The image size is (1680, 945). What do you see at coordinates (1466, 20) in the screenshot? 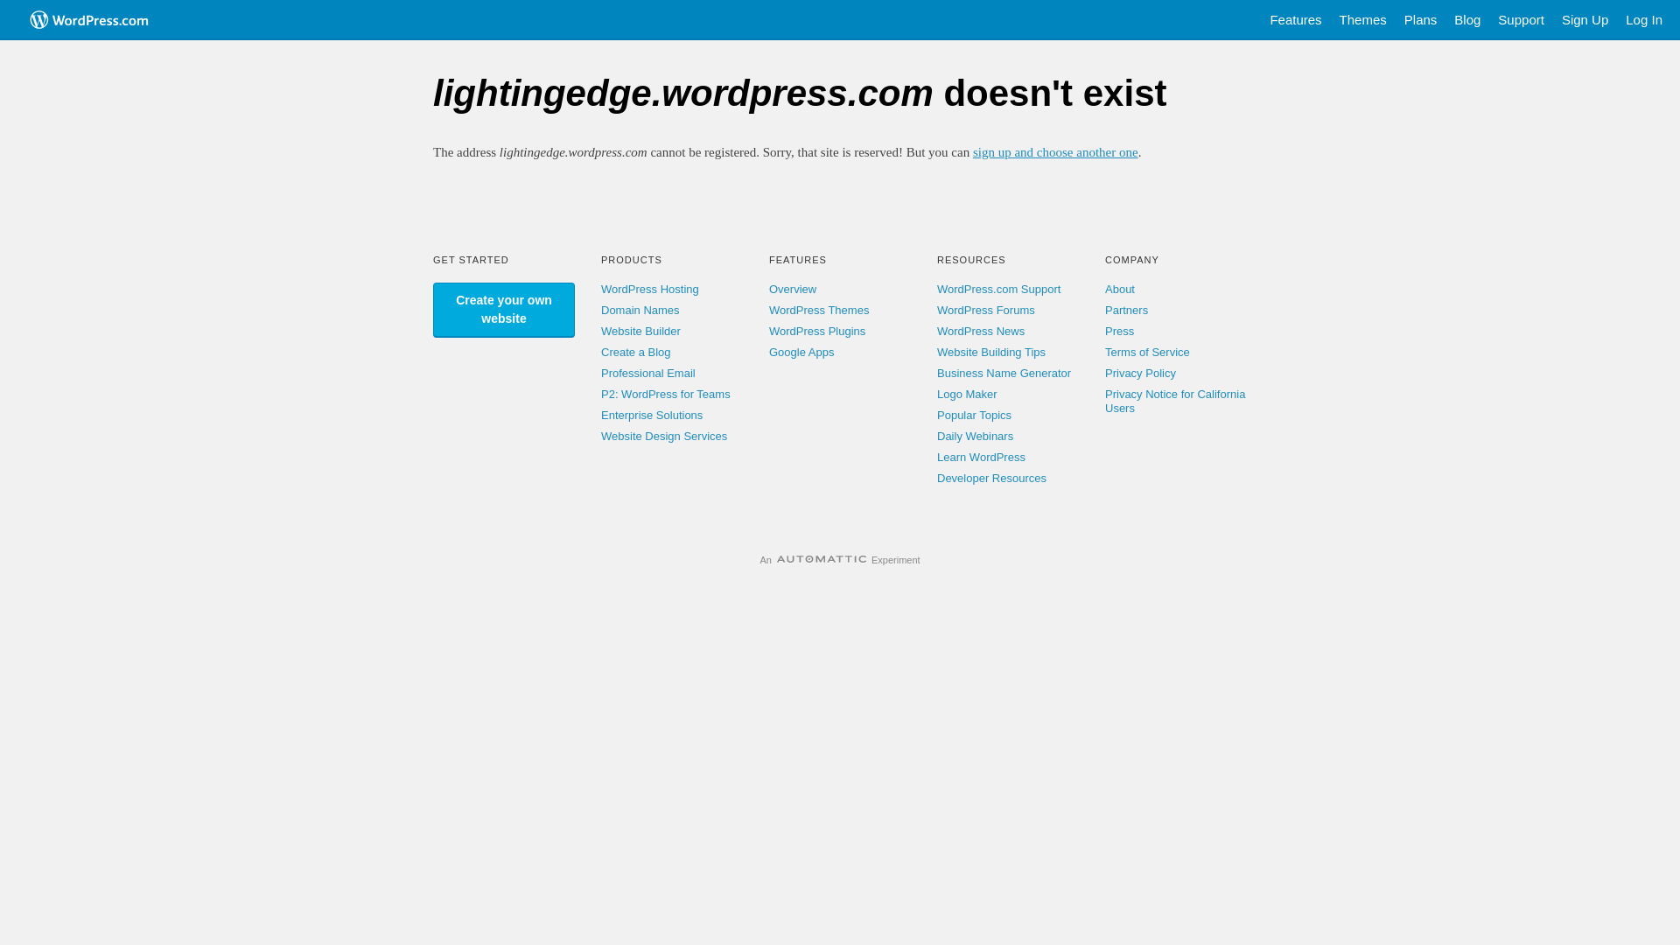
I see `'Blog'` at bounding box center [1466, 20].